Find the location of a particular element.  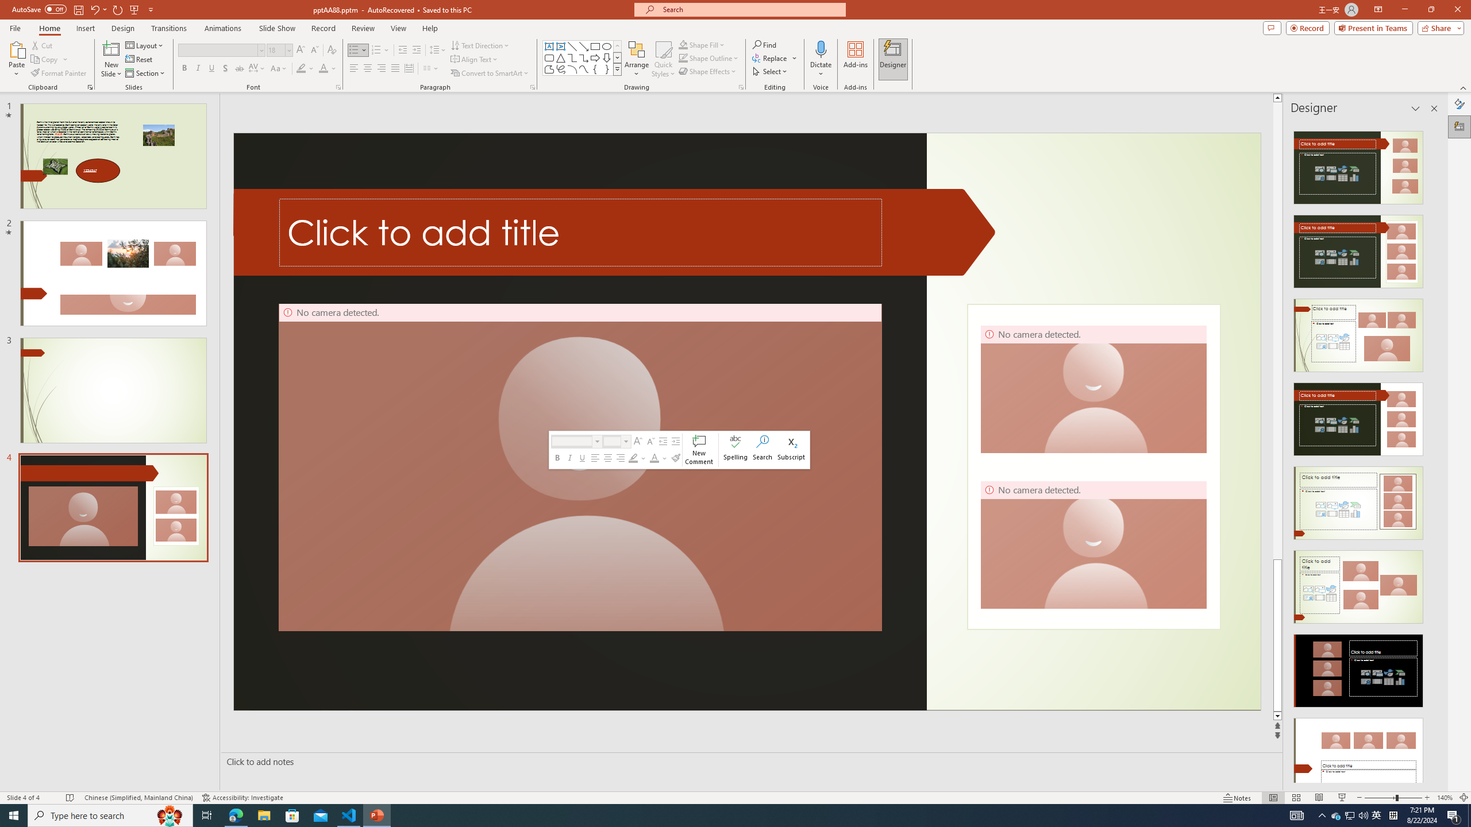

'Zoom to Fit ' is located at coordinates (1464, 798).